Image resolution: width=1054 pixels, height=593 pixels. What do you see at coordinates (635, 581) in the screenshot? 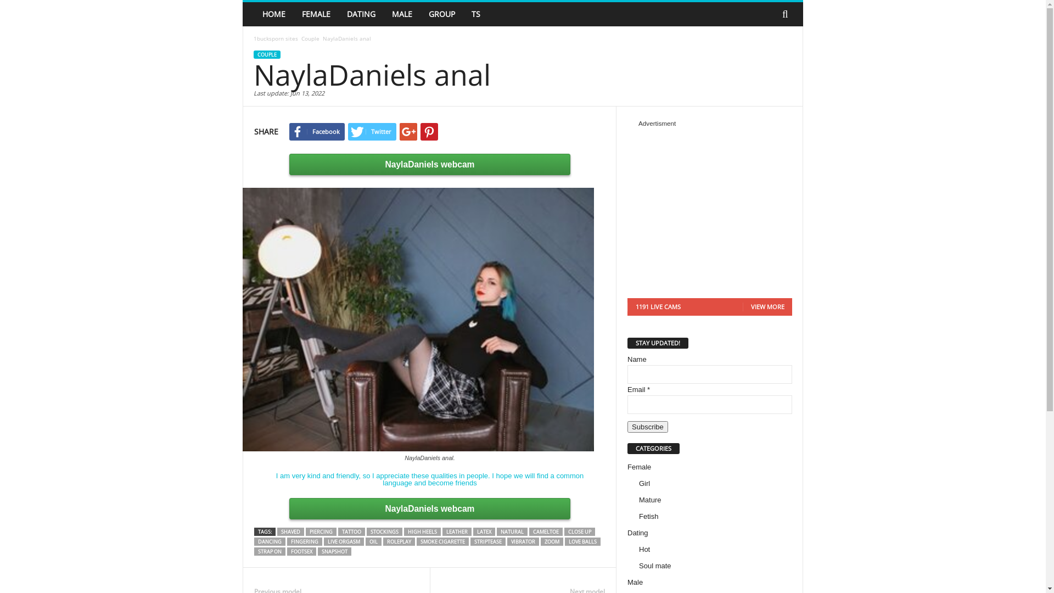
I see `'Male'` at bounding box center [635, 581].